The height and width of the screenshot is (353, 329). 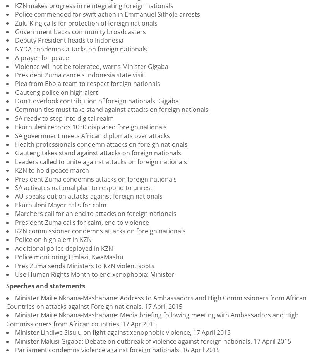 I want to click on 'Deputy President heads to Indonesia', so click(x=69, y=40).